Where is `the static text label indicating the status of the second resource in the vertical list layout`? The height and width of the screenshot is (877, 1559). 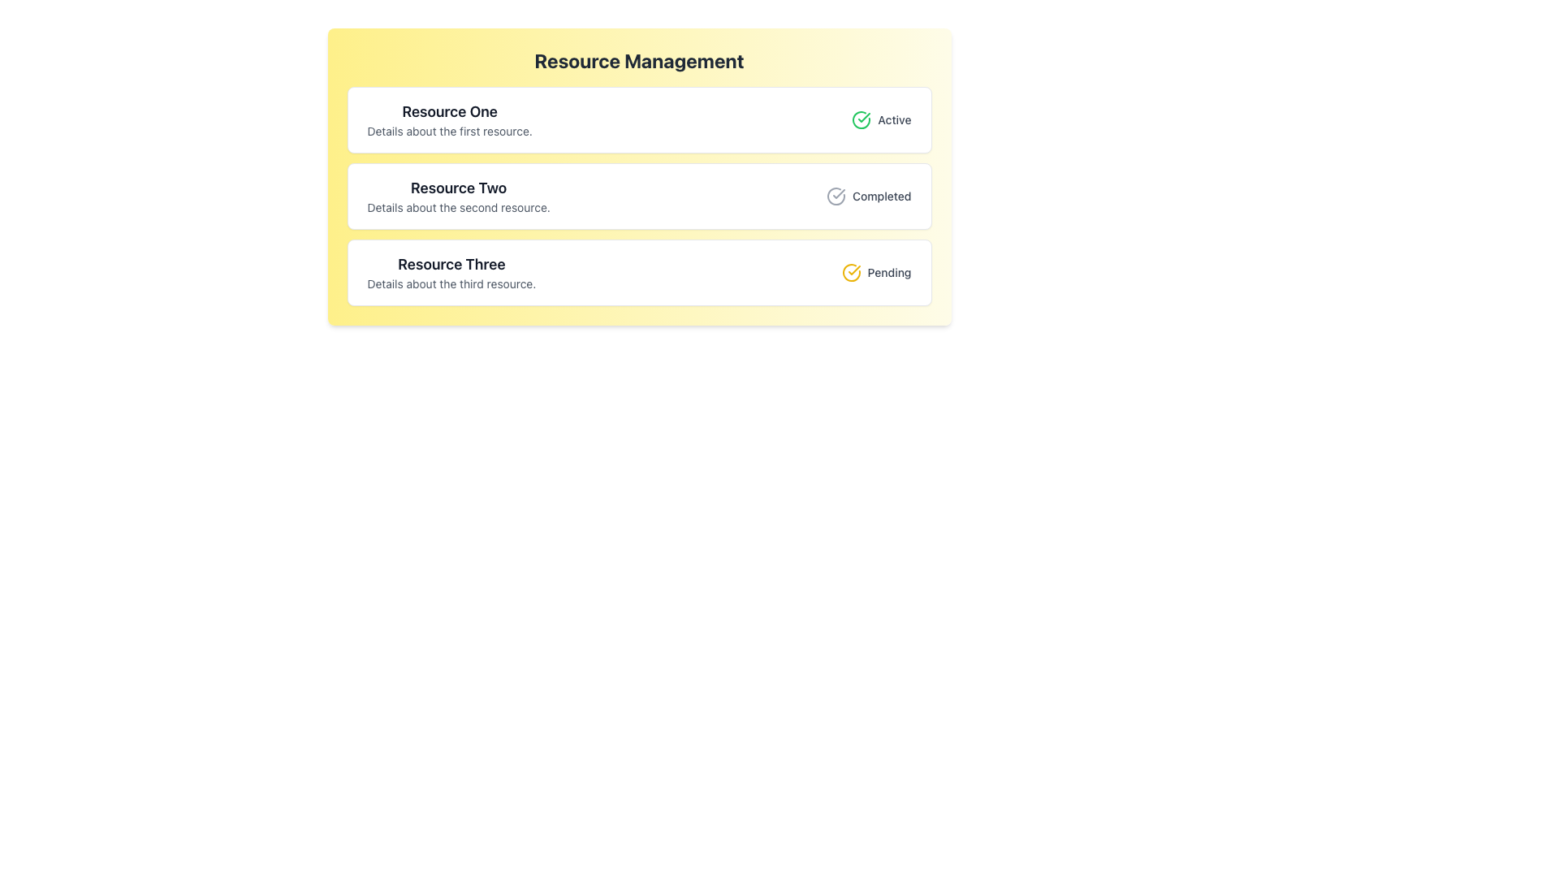 the static text label indicating the status of the second resource in the vertical list layout is located at coordinates (881, 196).